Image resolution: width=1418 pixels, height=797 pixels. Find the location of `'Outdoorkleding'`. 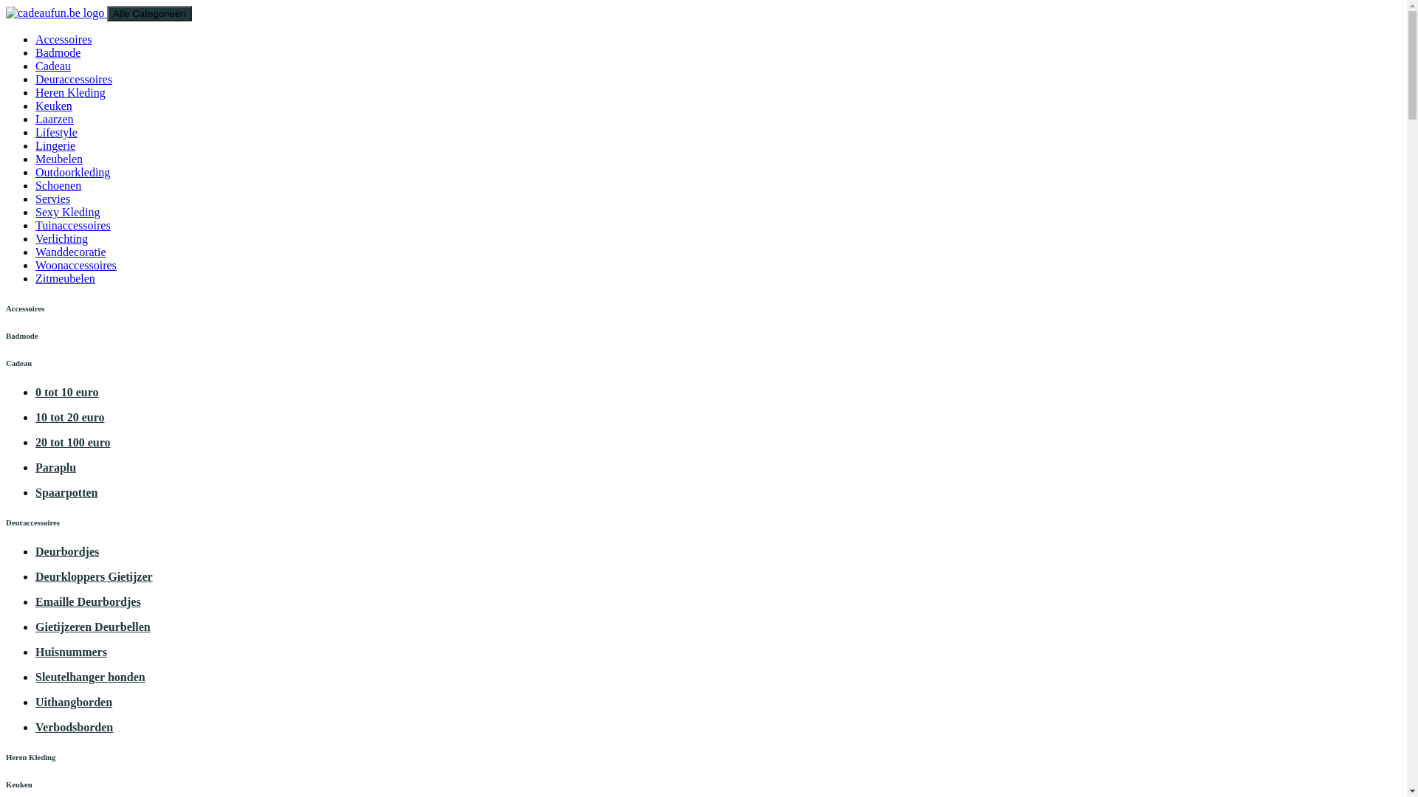

'Outdoorkleding' is located at coordinates (72, 171).